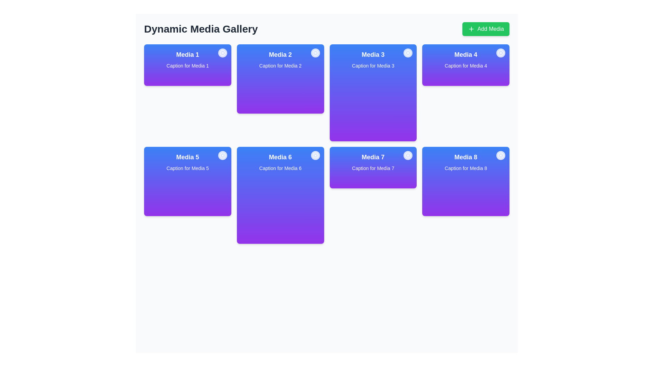 This screenshot has height=374, width=665. I want to click on the media display card titled 'Media 3', which is the third card in a grid layout located between 'Media 2' and 'Media 4', so click(373, 92).